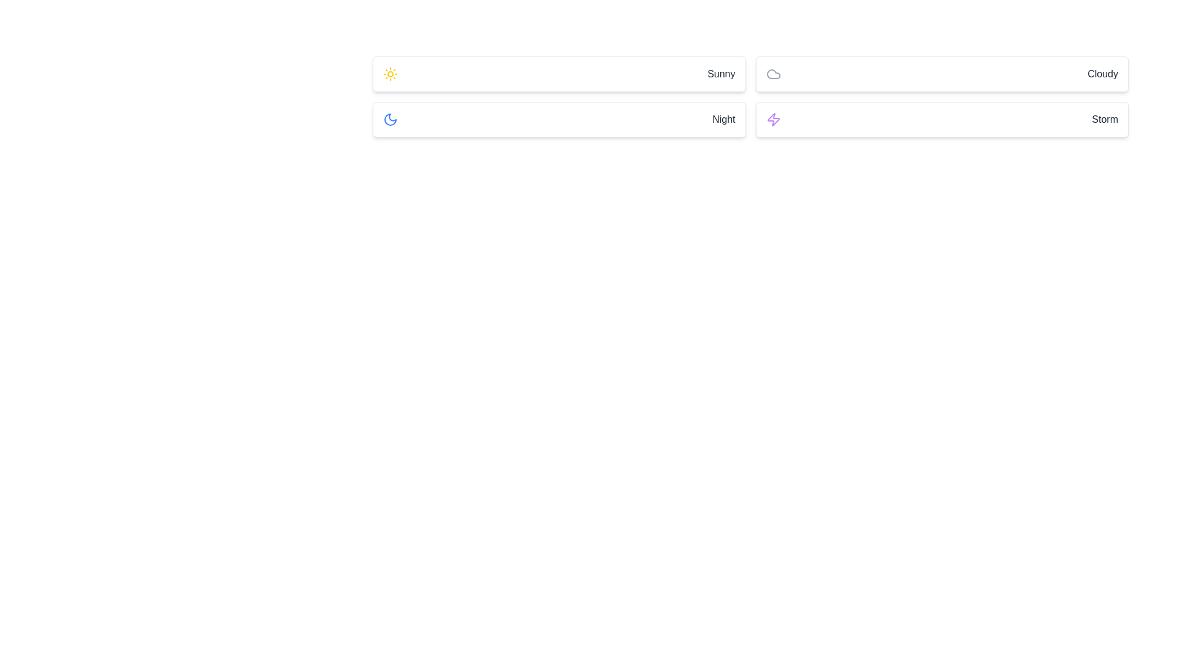  What do you see at coordinates (558, 120) in the screenshot?
I see `the 'Night' card in the grid layout` at bounding box center [558, 120].